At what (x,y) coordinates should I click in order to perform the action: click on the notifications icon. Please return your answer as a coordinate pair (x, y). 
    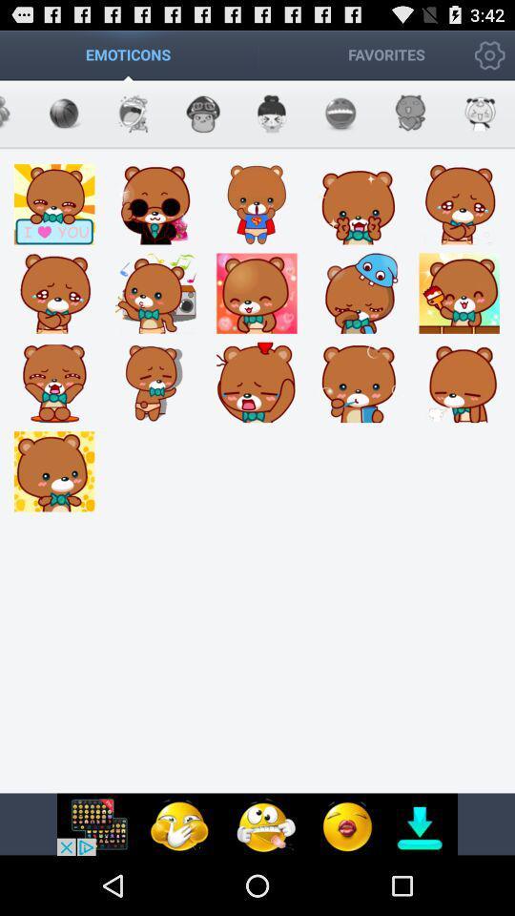
    Looking at the image, I should click on (271, 120).